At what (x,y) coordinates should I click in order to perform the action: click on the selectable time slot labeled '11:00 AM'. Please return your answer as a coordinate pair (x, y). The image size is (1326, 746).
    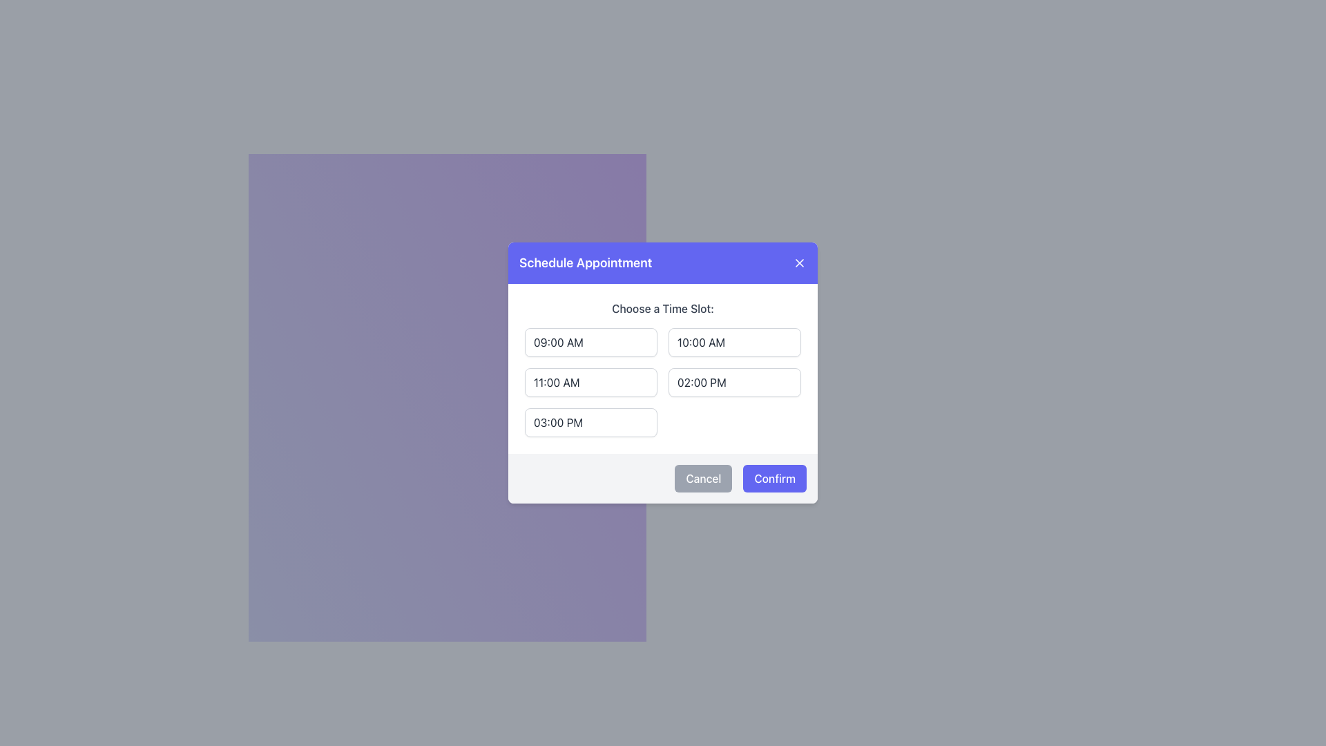
    Looking at the image, I should click on (557, 383).